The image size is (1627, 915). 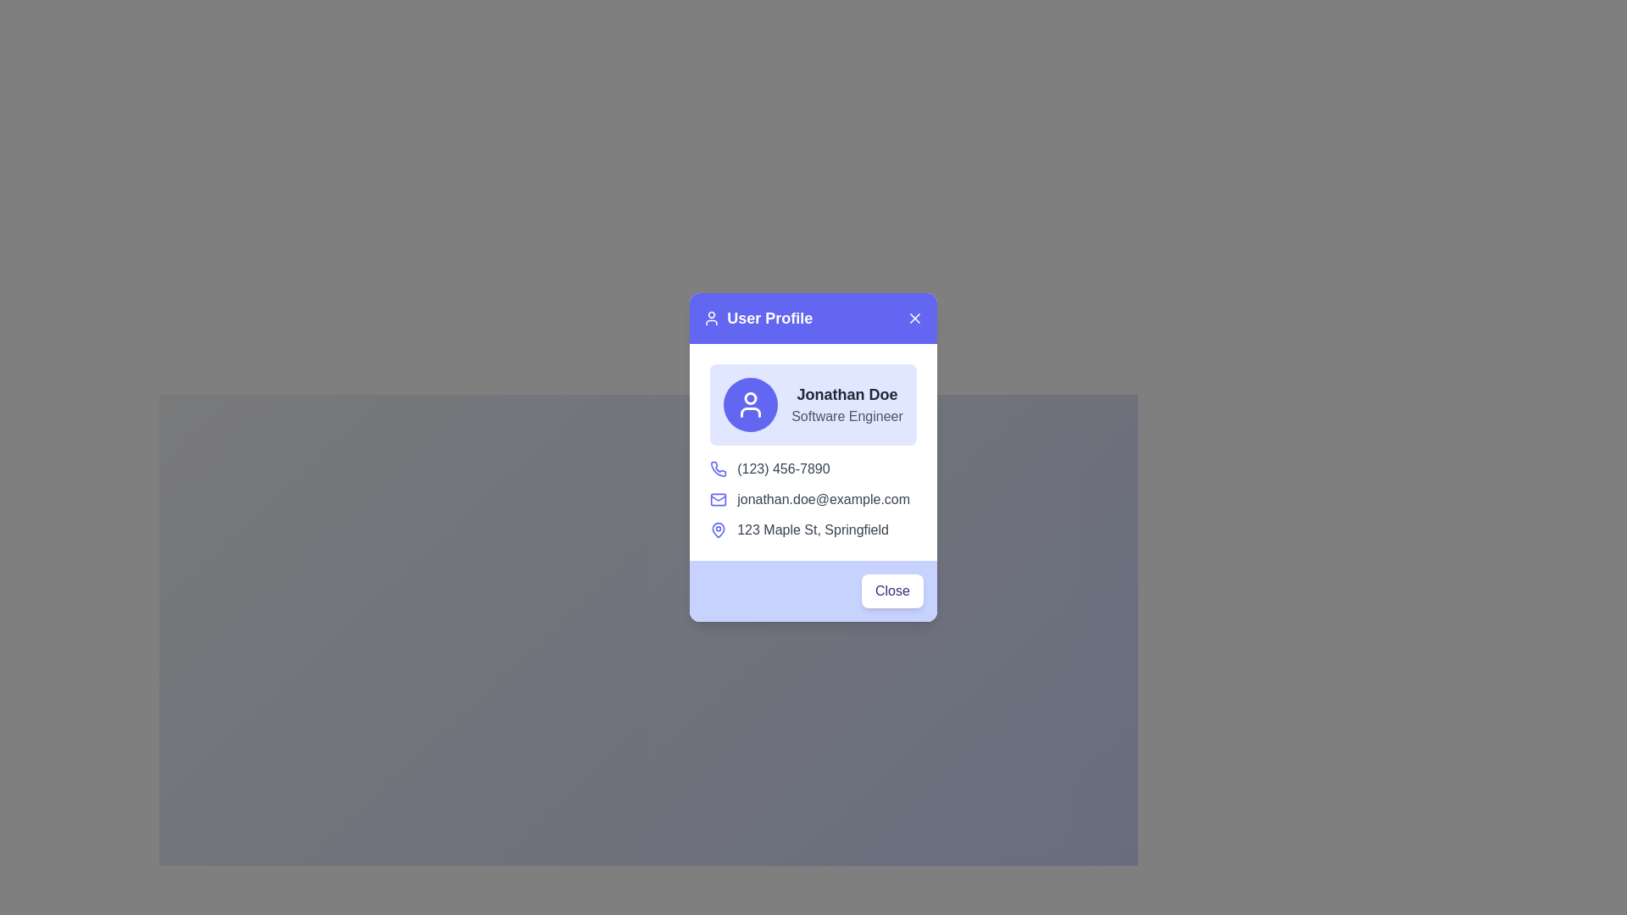 I want to click on the email text element, which is the second item, so click(x=813, y=499).